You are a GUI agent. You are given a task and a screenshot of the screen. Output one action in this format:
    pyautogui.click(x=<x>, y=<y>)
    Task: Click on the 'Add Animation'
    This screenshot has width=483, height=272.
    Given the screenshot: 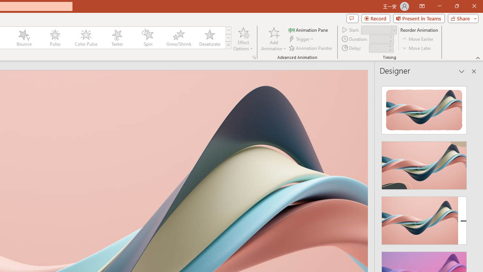 What is the action you would take?
    pyautogui.click(x=273, y=39)
    